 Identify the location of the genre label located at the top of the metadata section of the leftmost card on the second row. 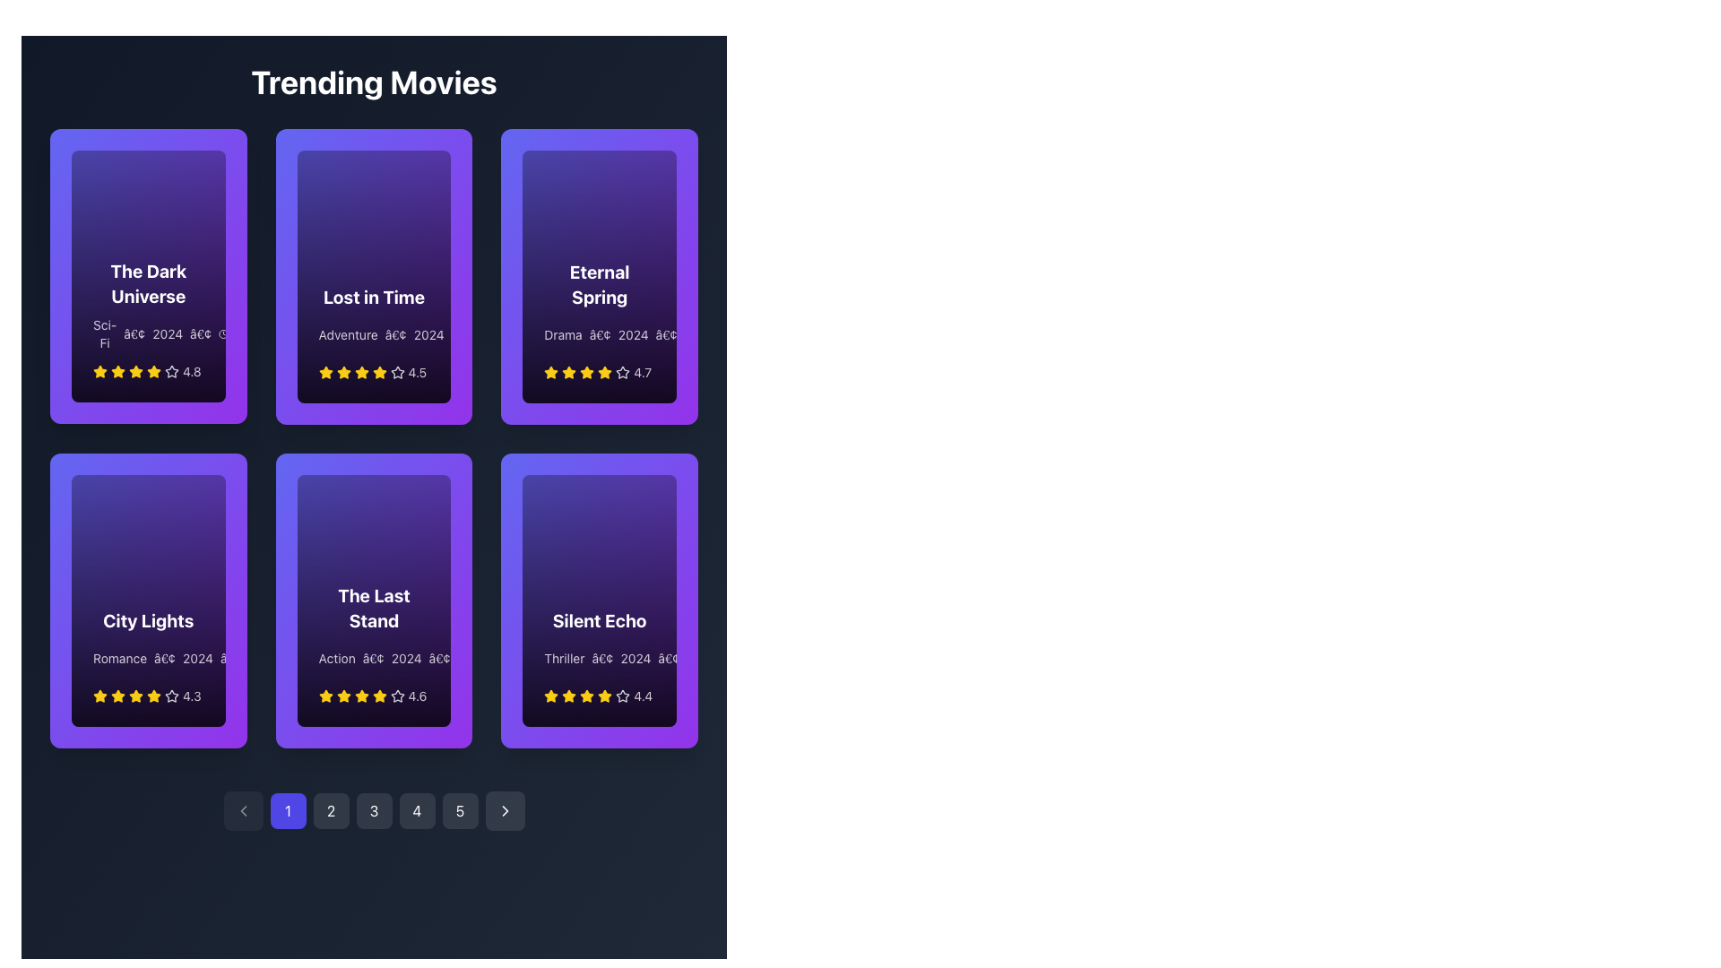
(119, 658).